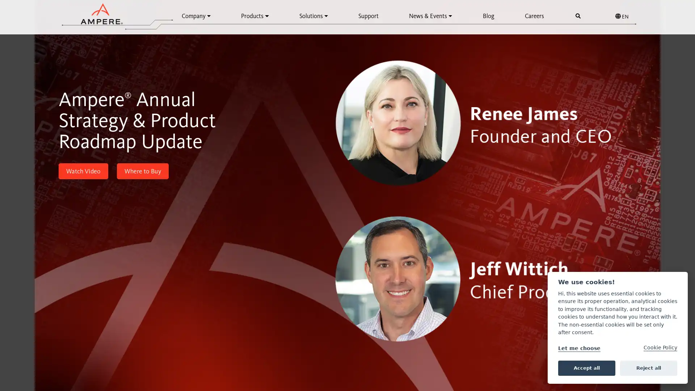  Describe the element at coordinates (83, 171) in the screenshot. I see `Watch Video` at that location.